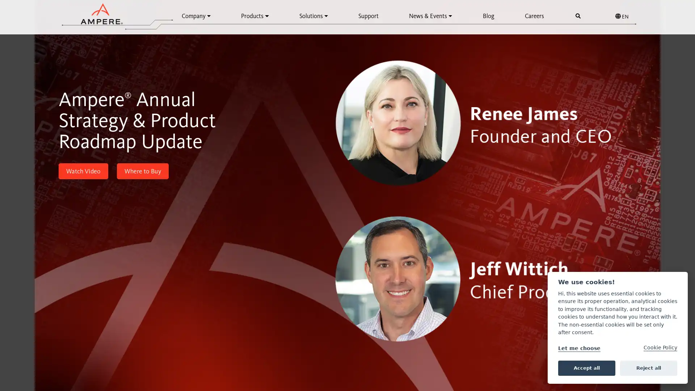  Describe the element at coordinates (83, 171) in the screenshot. I see `Watch Video` at that location.